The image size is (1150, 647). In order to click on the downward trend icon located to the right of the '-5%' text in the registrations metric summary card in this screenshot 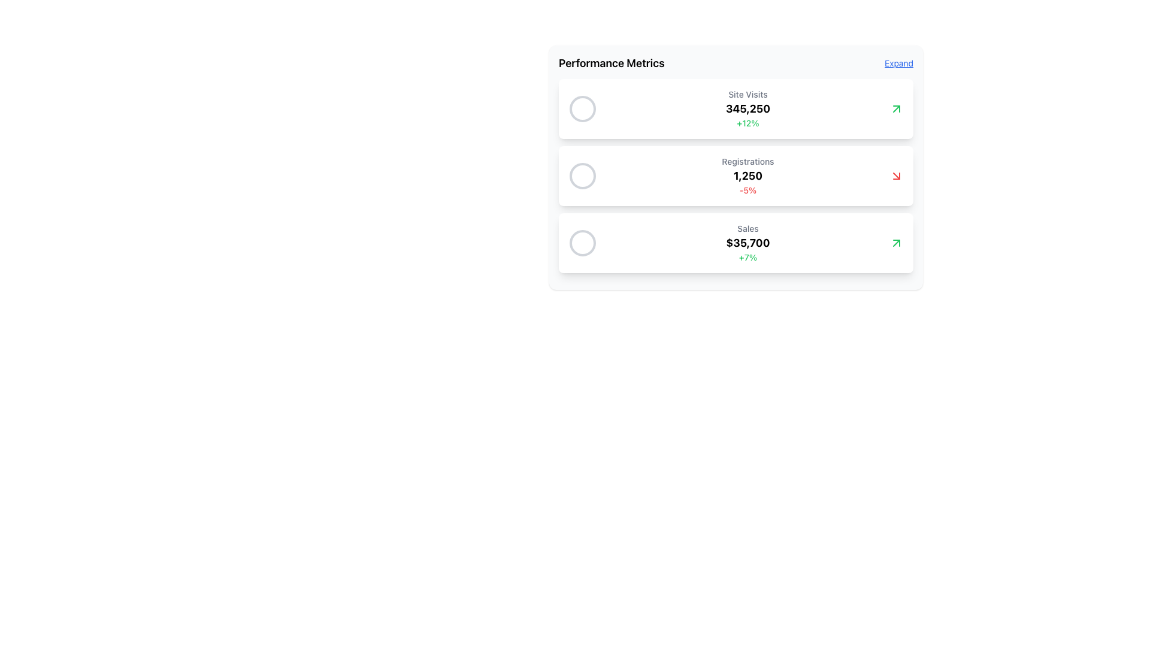, I will do `click(897, 176)`.